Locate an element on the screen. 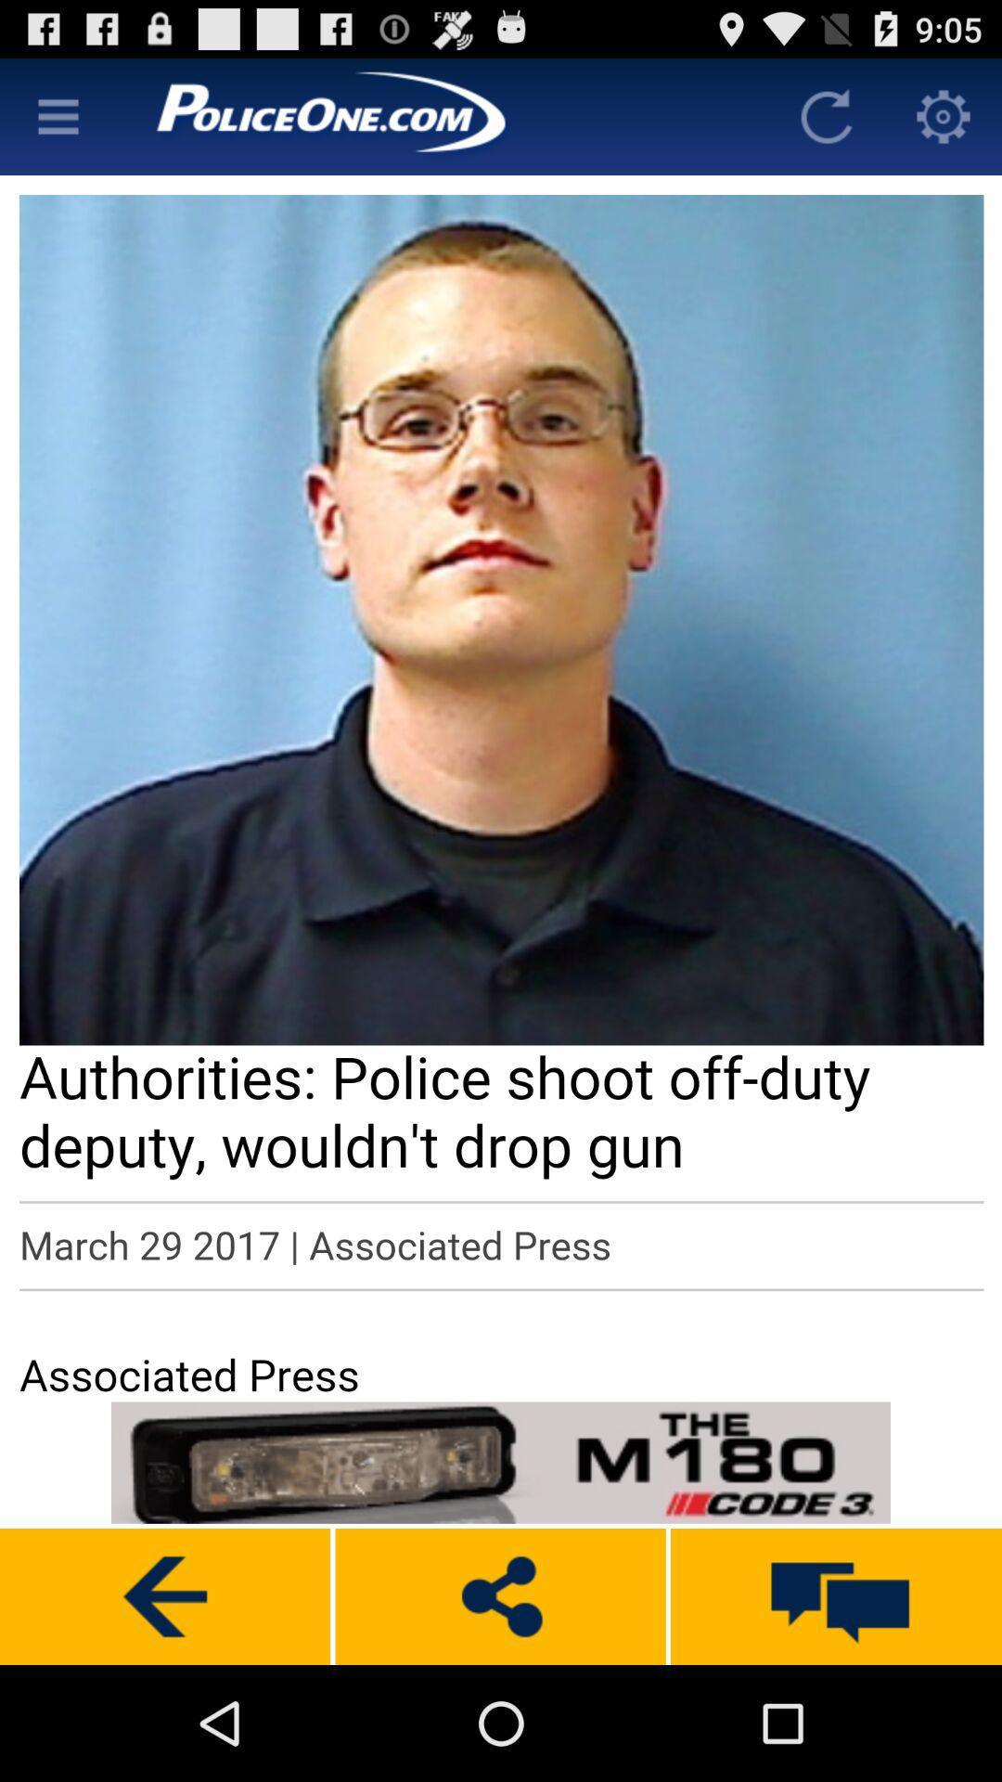 The height and width of the screenshot is (1782, 1002). return to previous is located at coordinates (164, 1595).